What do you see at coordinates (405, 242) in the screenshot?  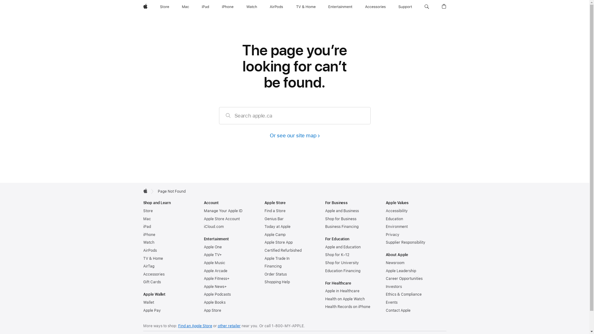 I see `'Supplier Responsibility'` at bounding box center [405, 242].